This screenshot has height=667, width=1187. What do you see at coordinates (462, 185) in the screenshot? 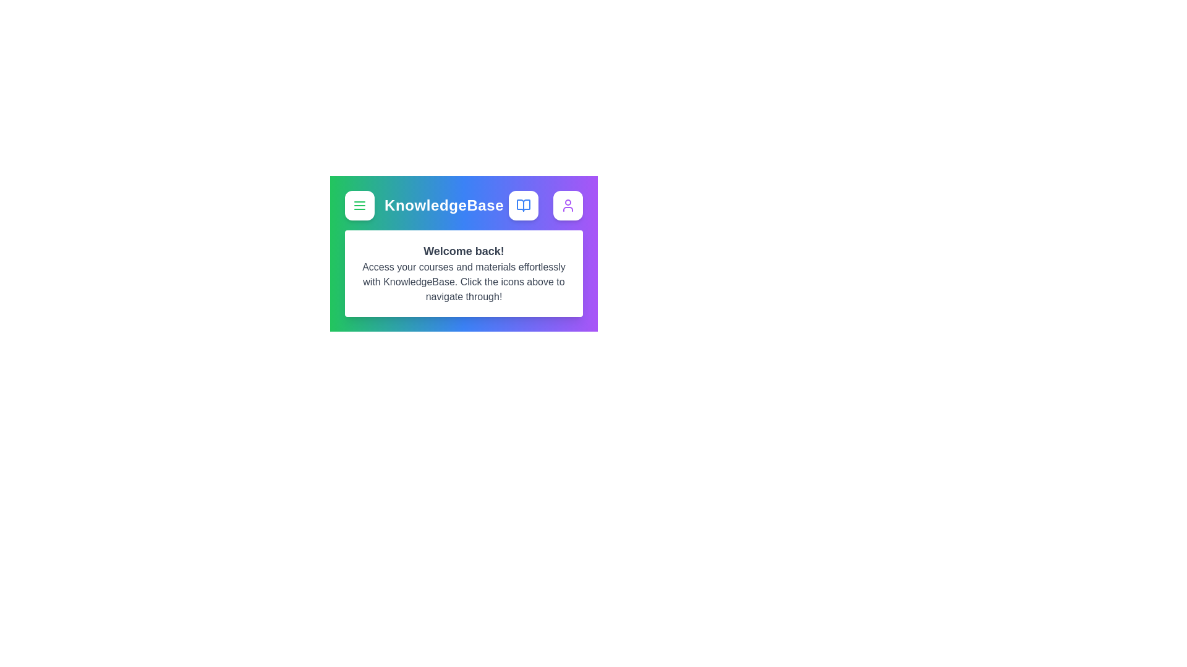
I see `the background gradient of the KnowledgeAppBar component` at bounding box center [462, 185].